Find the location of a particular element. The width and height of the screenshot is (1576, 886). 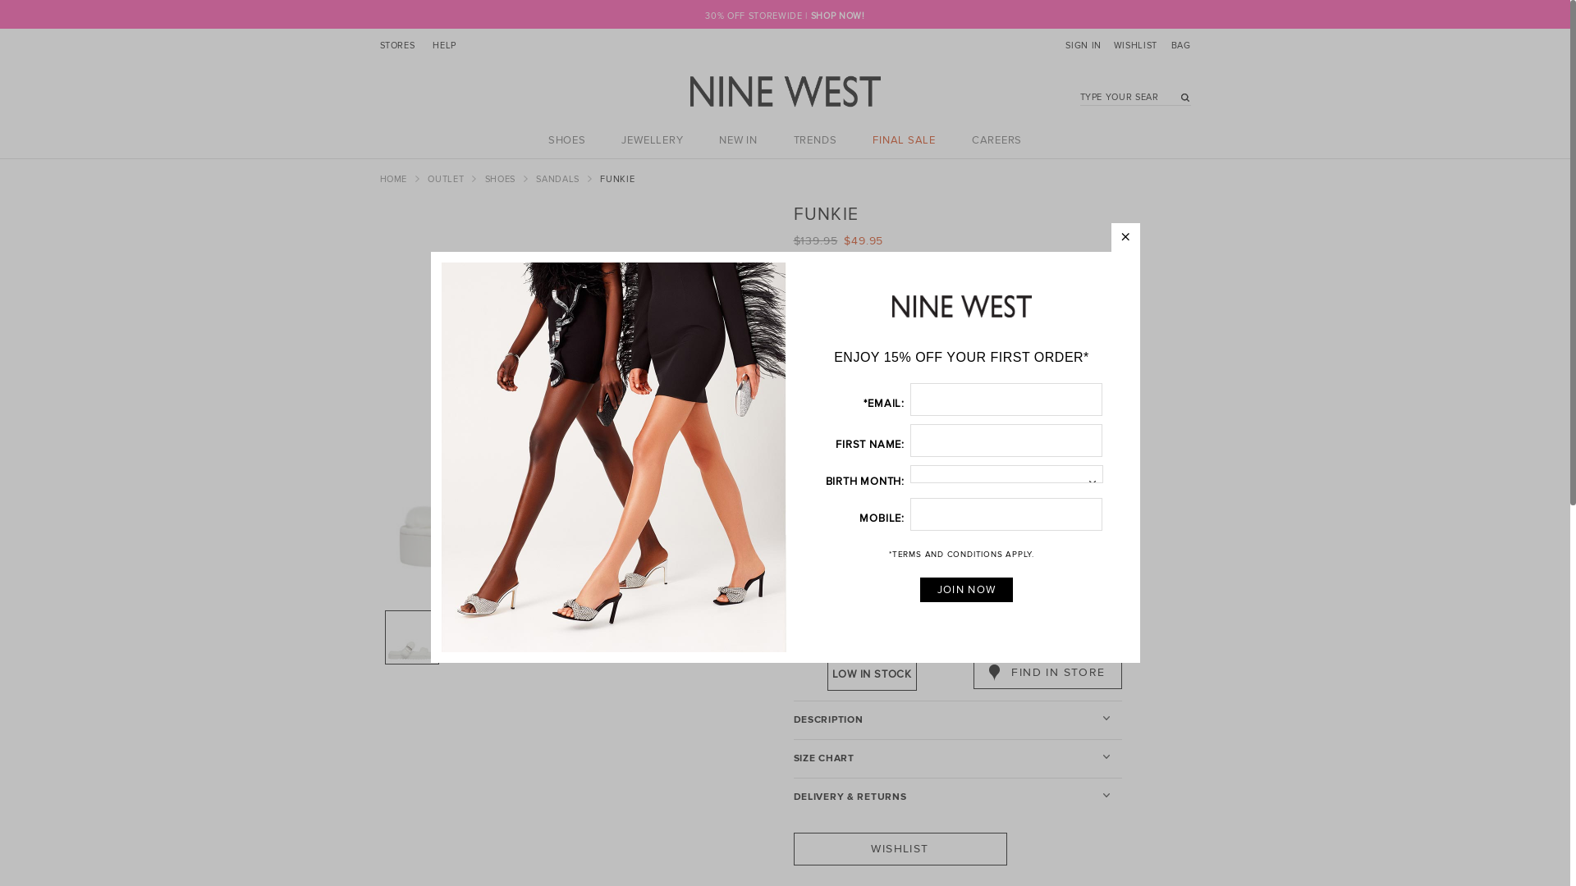

'FUNKIE  IVORY' is located at coordinates (602, 636).